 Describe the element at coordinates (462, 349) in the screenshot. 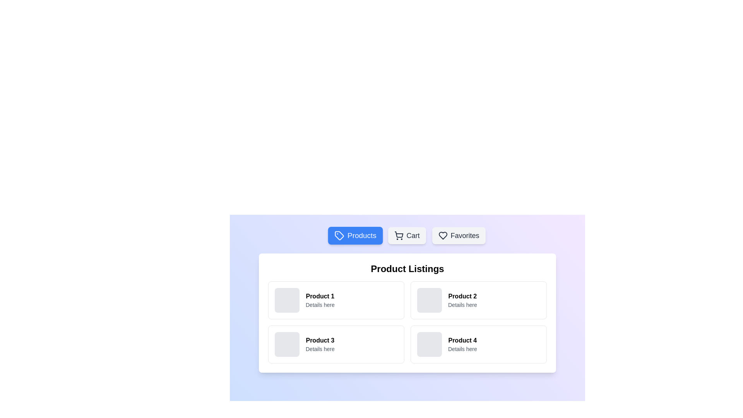

I see `the informational text label indicating additional details for 'Product 4', located in the bottom-right corner of its card` at that location.